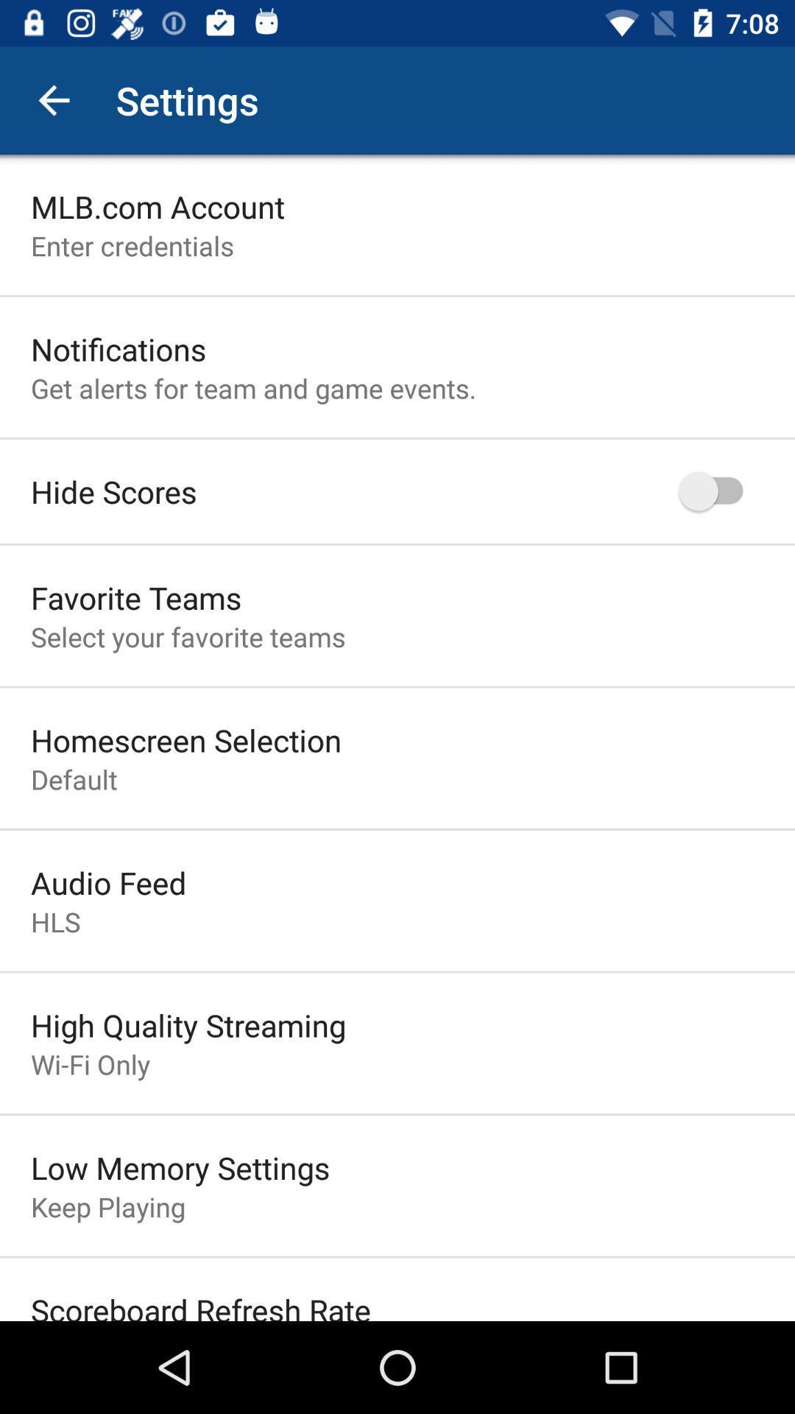 The image size is (795, 1414). Describe the element at coordinates (53, 99) in the screenshot. I see `the app to the left of settings icon` at that location.